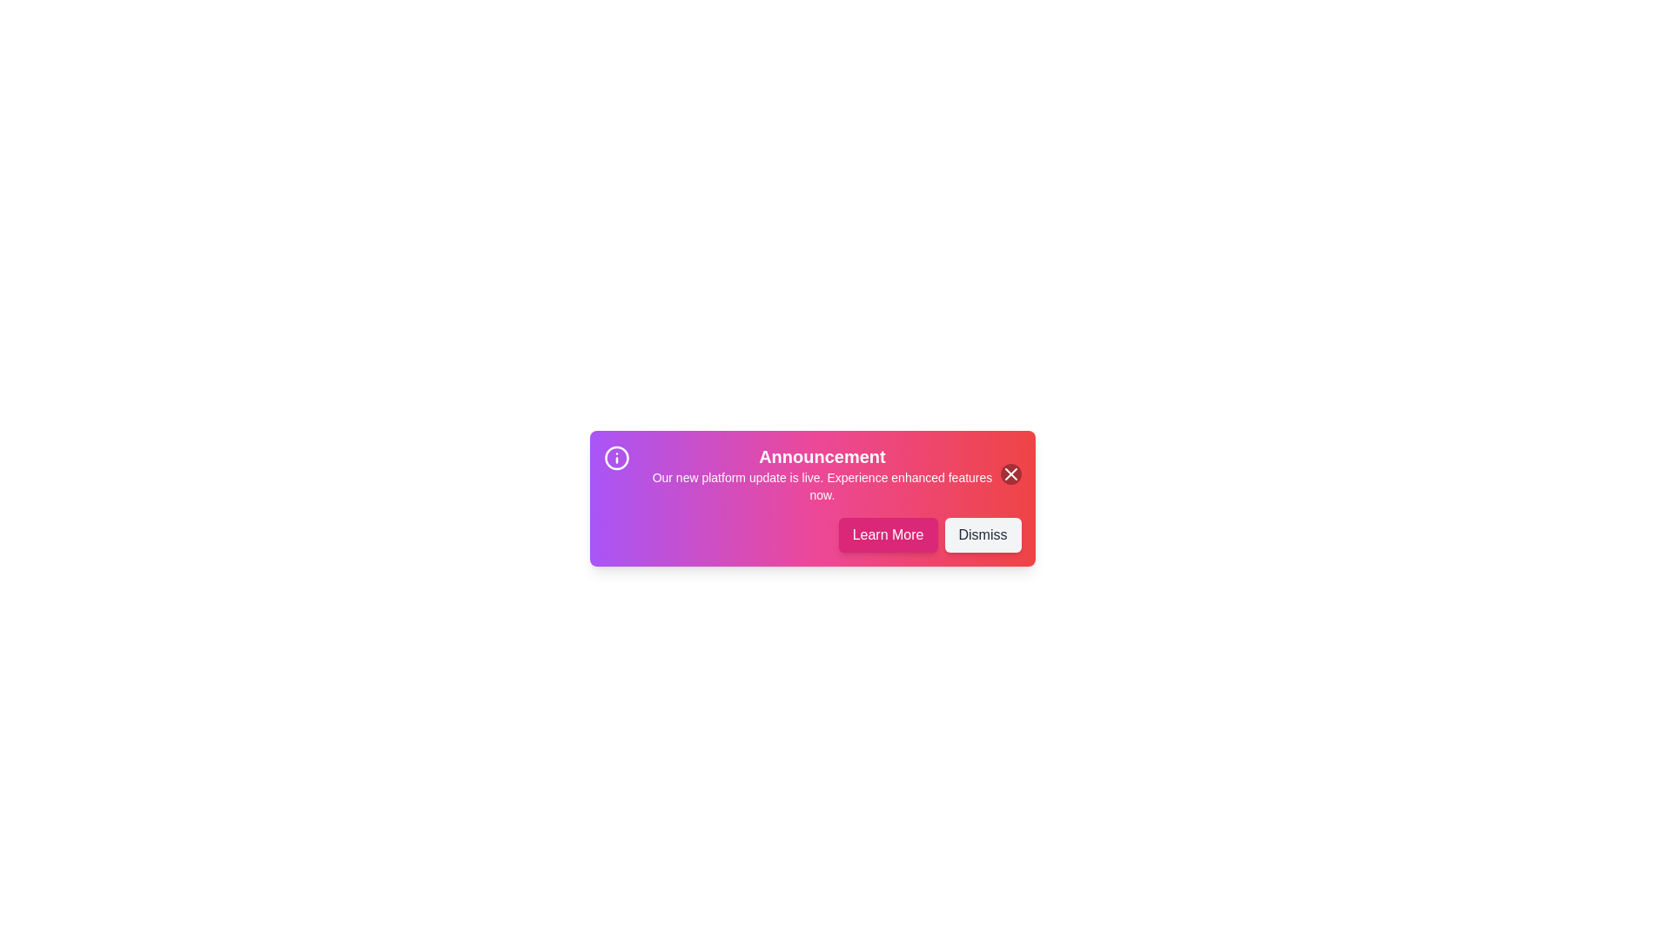 The width and height of the screenshot is (1671, 940). What do you see at coordinates (983, 534) in the screenshot?
I see `'Dismiss' button to close the alert` at bounding box center [983, 534].